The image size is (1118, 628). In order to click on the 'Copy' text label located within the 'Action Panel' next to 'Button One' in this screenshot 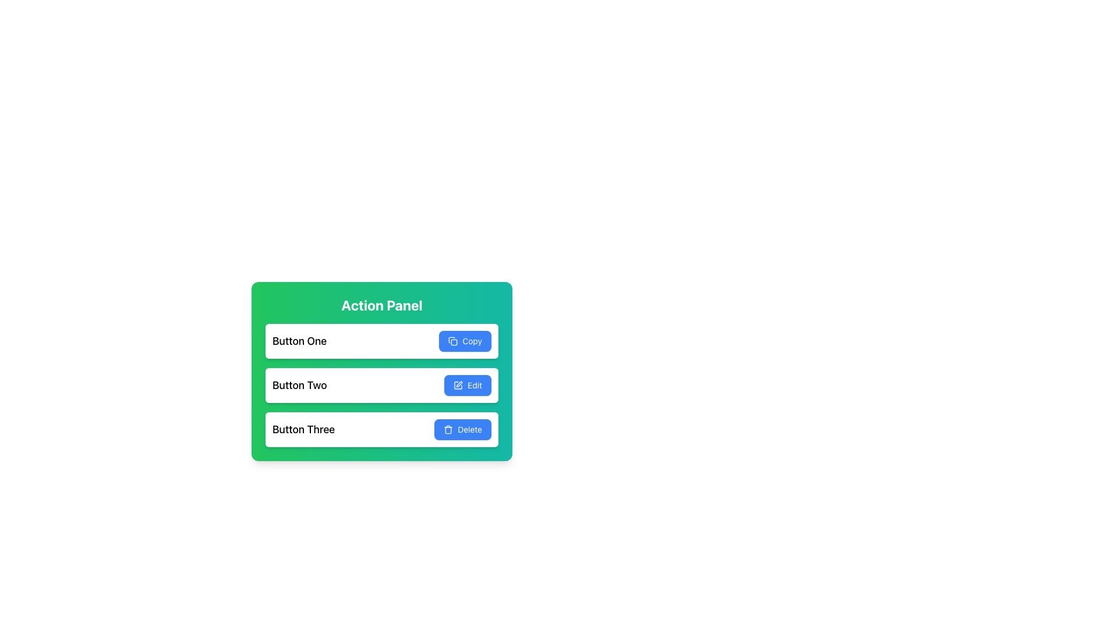, I will do `click(472, 340)`.